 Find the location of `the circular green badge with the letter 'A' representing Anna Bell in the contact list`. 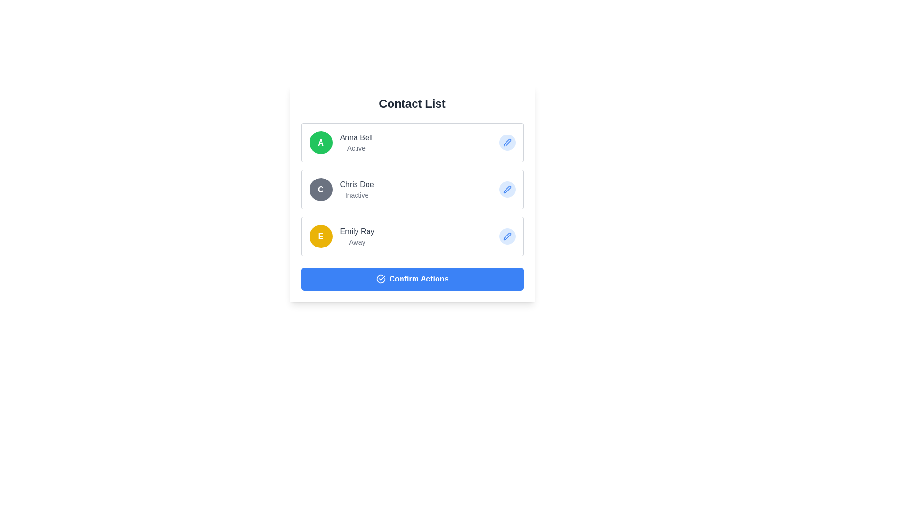

the circular green badge with the letter 'A' representing Anna Bell in the contact list is located at coordinates (341, 142).